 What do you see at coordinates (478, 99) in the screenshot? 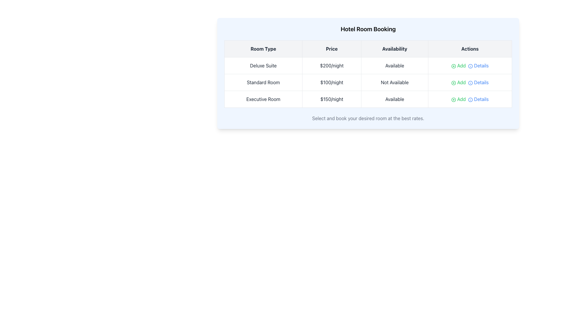
I see `the 'Details' button in the 'Actions' column of the table, which is styled in blue and located in the 'Executive Room' row` at bounding box center [478, 99].